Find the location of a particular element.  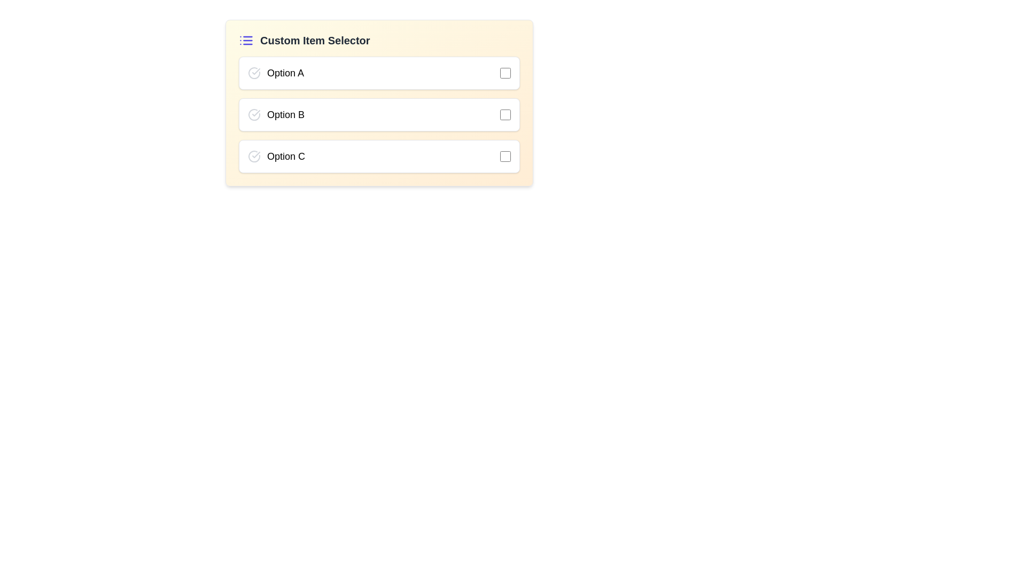

the checkbox styled with a blue focus ring and blue checkmark, located on the far right of 'Option C' in the 'Custom Item Selector' is located at coordinates (504, 157).